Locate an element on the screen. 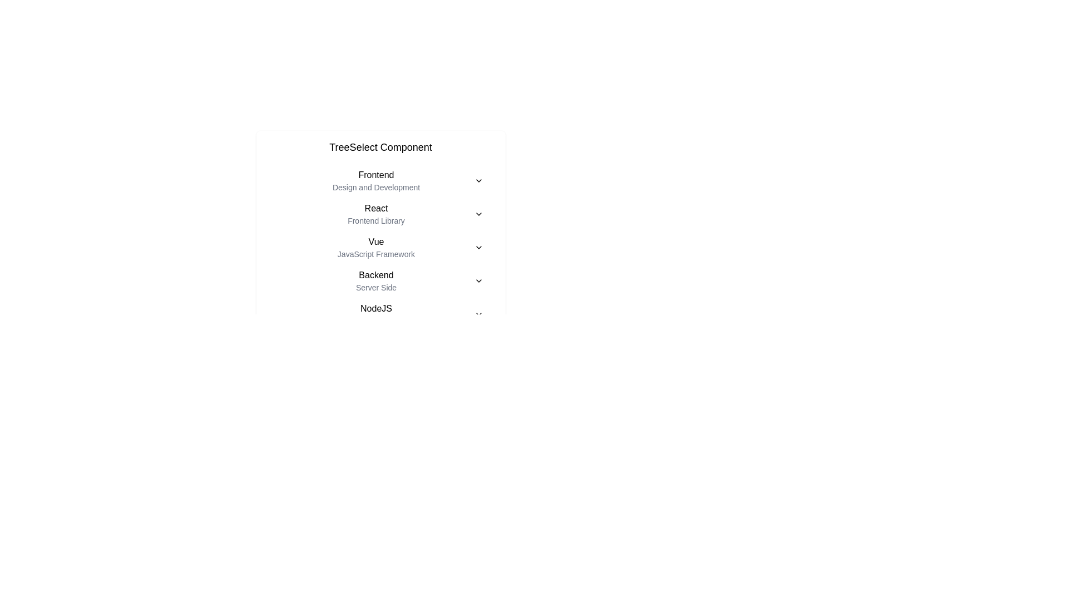 The image size is (1068, 601). the List entry element displaying 'NodeJS' is located at coordinates (376, 314).